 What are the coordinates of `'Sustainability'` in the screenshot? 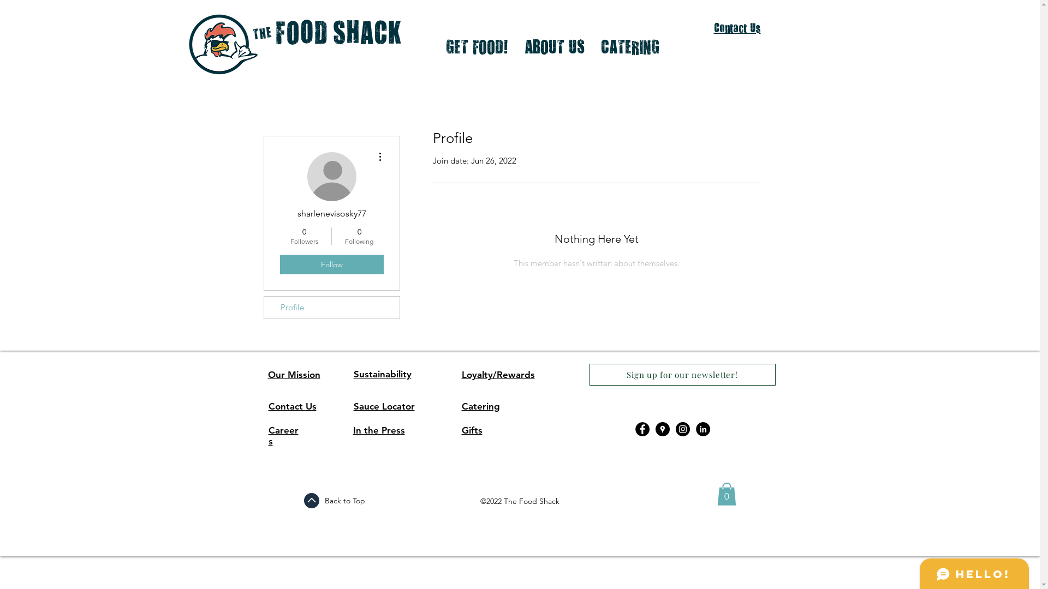 It's located at (382, 374).